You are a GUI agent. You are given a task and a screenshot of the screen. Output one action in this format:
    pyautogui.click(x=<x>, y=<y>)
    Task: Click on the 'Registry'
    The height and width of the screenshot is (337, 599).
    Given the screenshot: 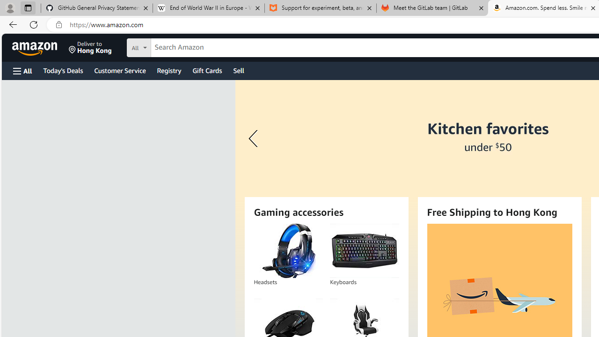 What is the action you would take?
    pyautogui.click(x=168, y=70)
    